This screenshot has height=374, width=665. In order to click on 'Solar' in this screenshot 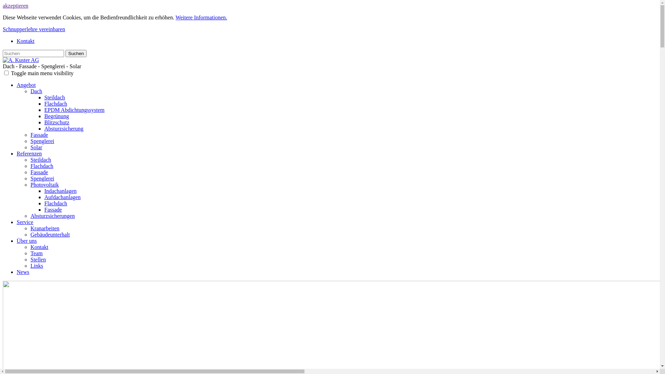, I will do `click(36, 147)`.